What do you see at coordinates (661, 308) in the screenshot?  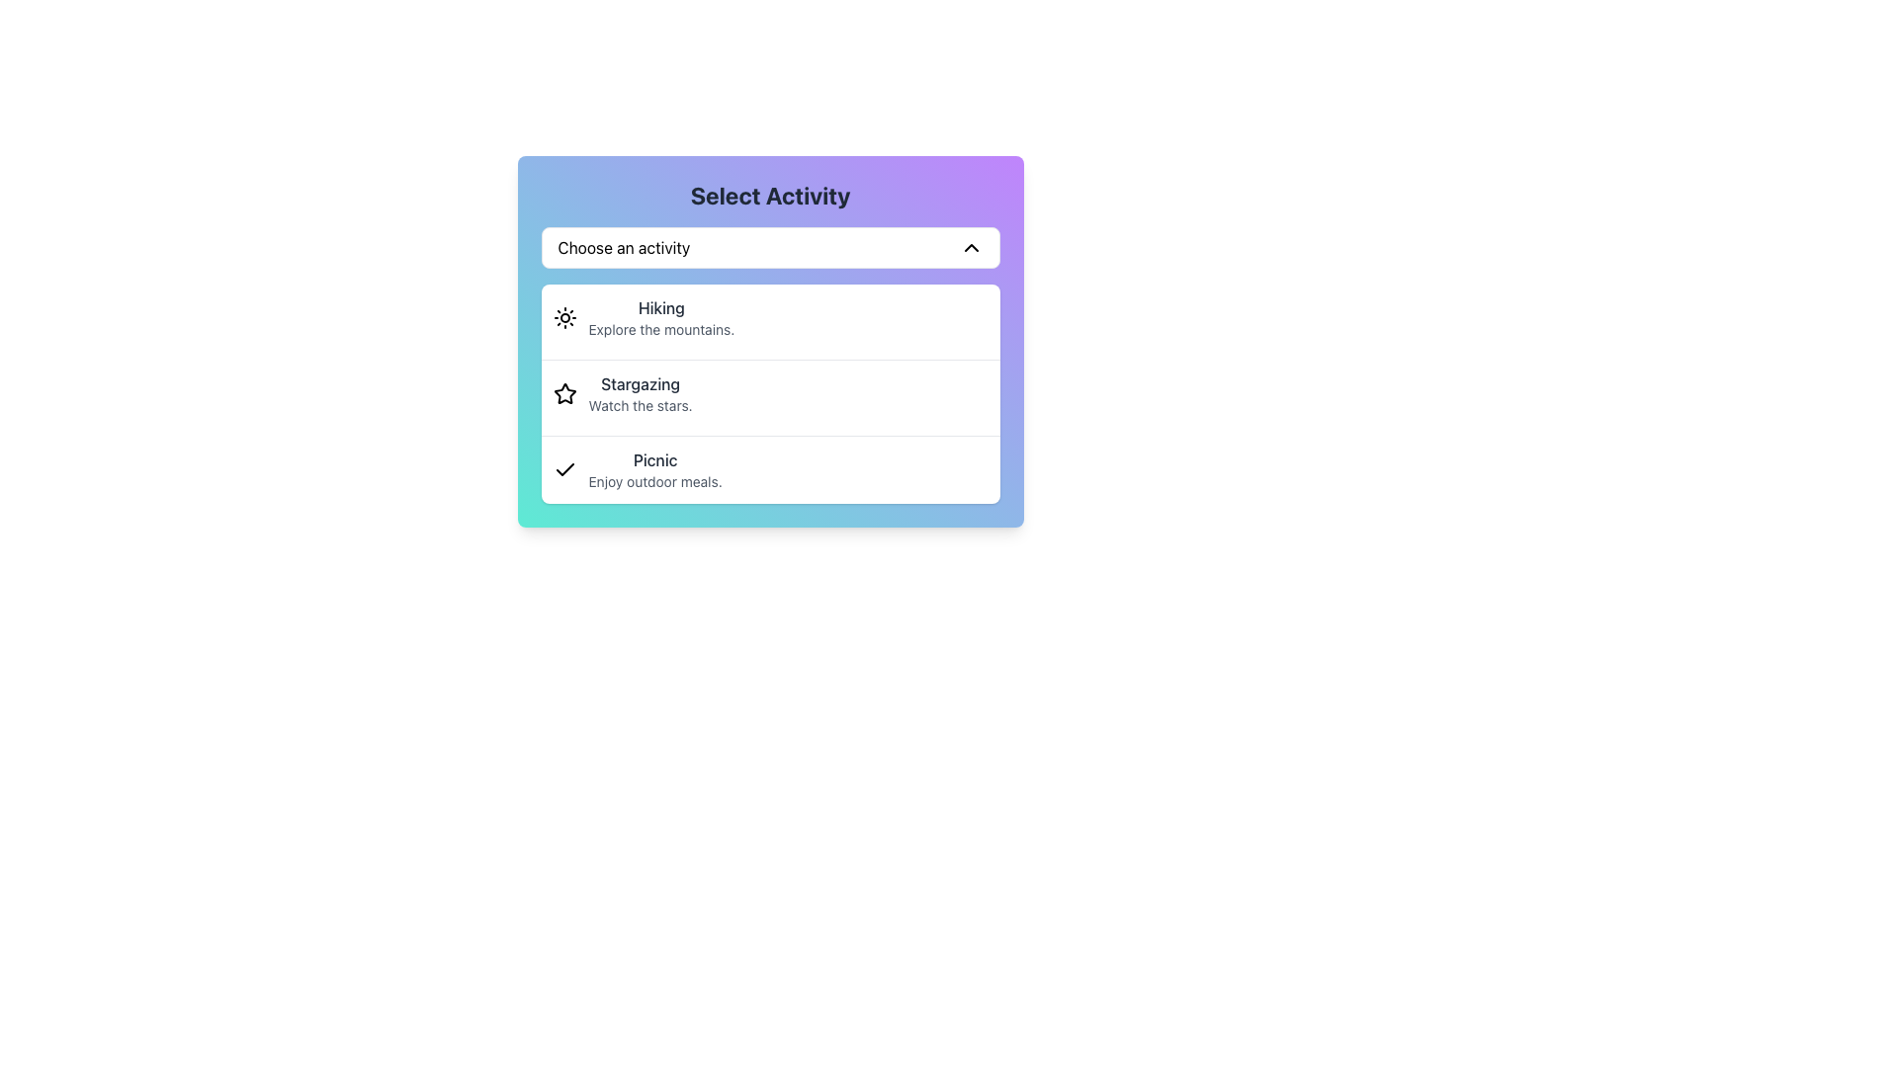 I see `the text label that says 'Hiking', which is styled with a medium font weight and dark gray color, located at the top of the activity selection menu` at bounding box center [661, 308].